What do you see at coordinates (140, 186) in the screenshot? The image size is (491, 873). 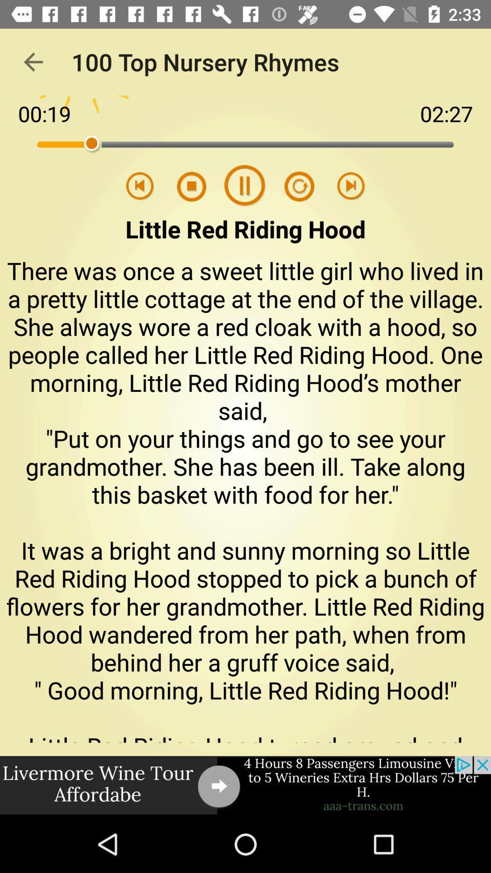 I see `the skip_previous icon` at bounding box center [140, 186].